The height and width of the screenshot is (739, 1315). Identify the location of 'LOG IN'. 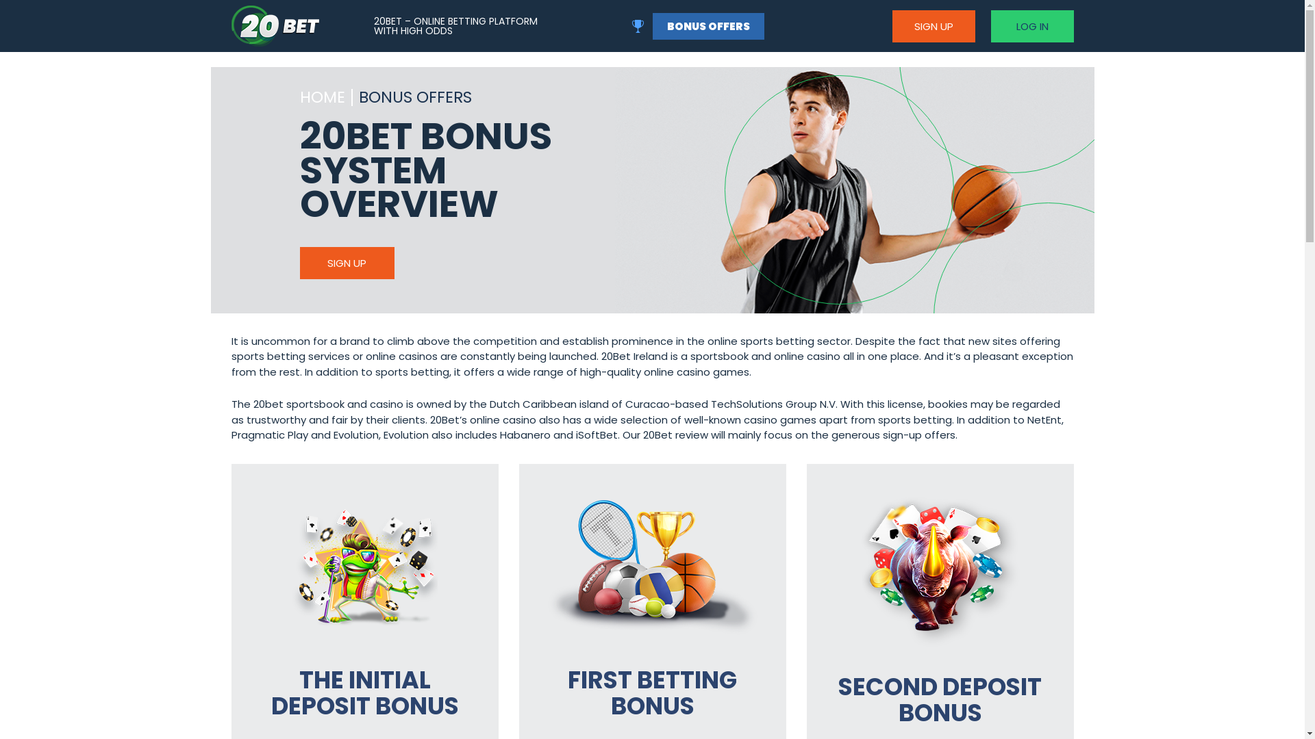
(1031, 25).